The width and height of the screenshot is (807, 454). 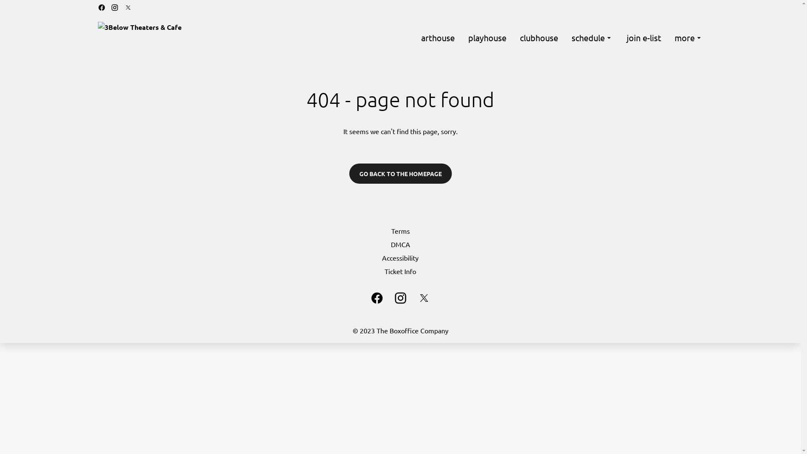 What do you see at coordinates (399, 298) in the screenshot?
I see `'instagram'` at bounding box center [399, 298].